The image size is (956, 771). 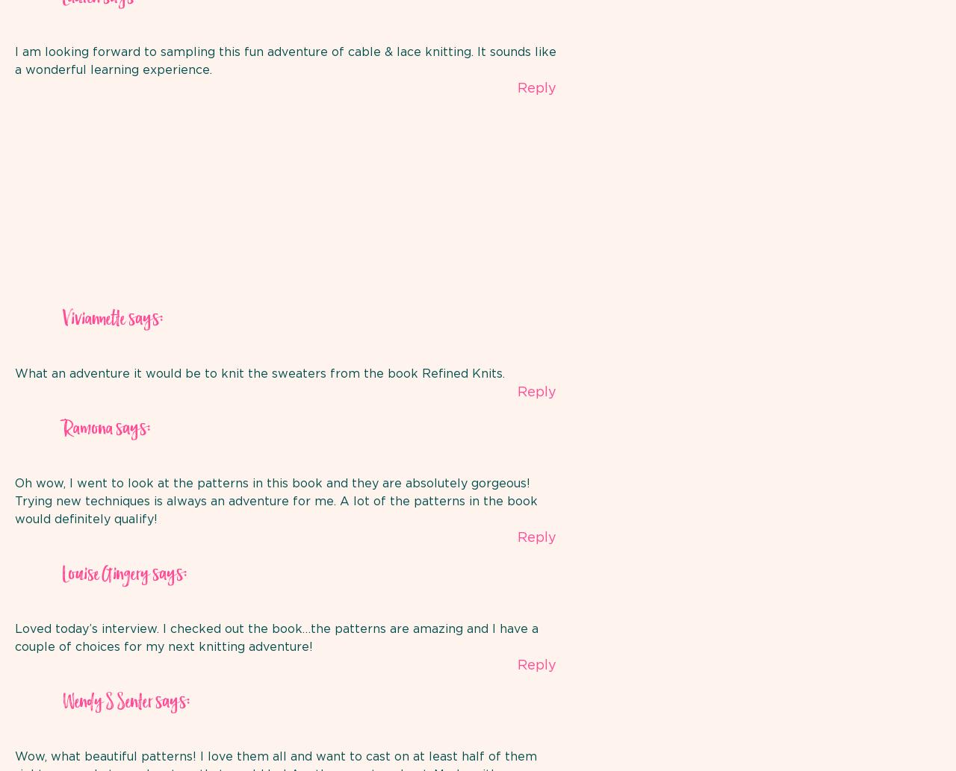 I want to click on 'What an adventure it would be to knit the sweaters from the book Refined Knits.', so click(x=260, y=374).